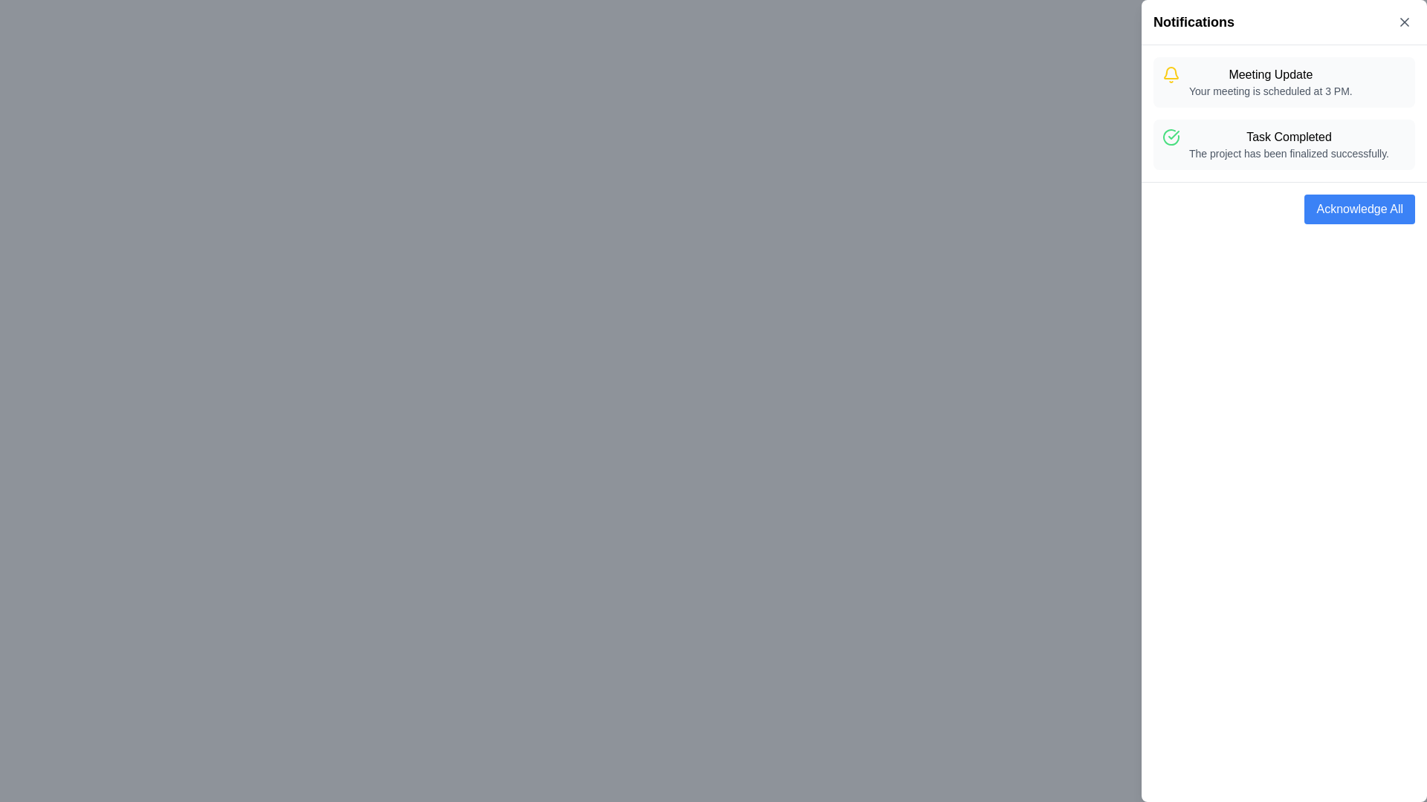 This screenshot has width=1427, height=802. What do you see at coordinates (1170, 73) in the screenshot?
I see `the bell-shaped notification icon outlined in bright yellow, located next to the 'Meeting Update' text in the notification panel` at bounding box center [1170, 73].